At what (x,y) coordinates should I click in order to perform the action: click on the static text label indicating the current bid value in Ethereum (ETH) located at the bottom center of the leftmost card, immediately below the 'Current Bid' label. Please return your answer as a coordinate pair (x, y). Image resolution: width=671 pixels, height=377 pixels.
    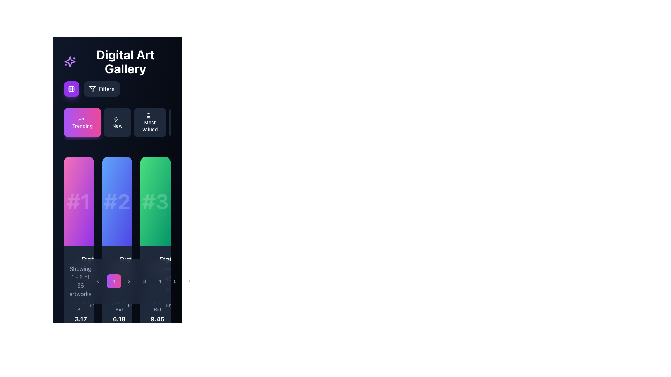
    Looking at the image, I should click on (81, 324).